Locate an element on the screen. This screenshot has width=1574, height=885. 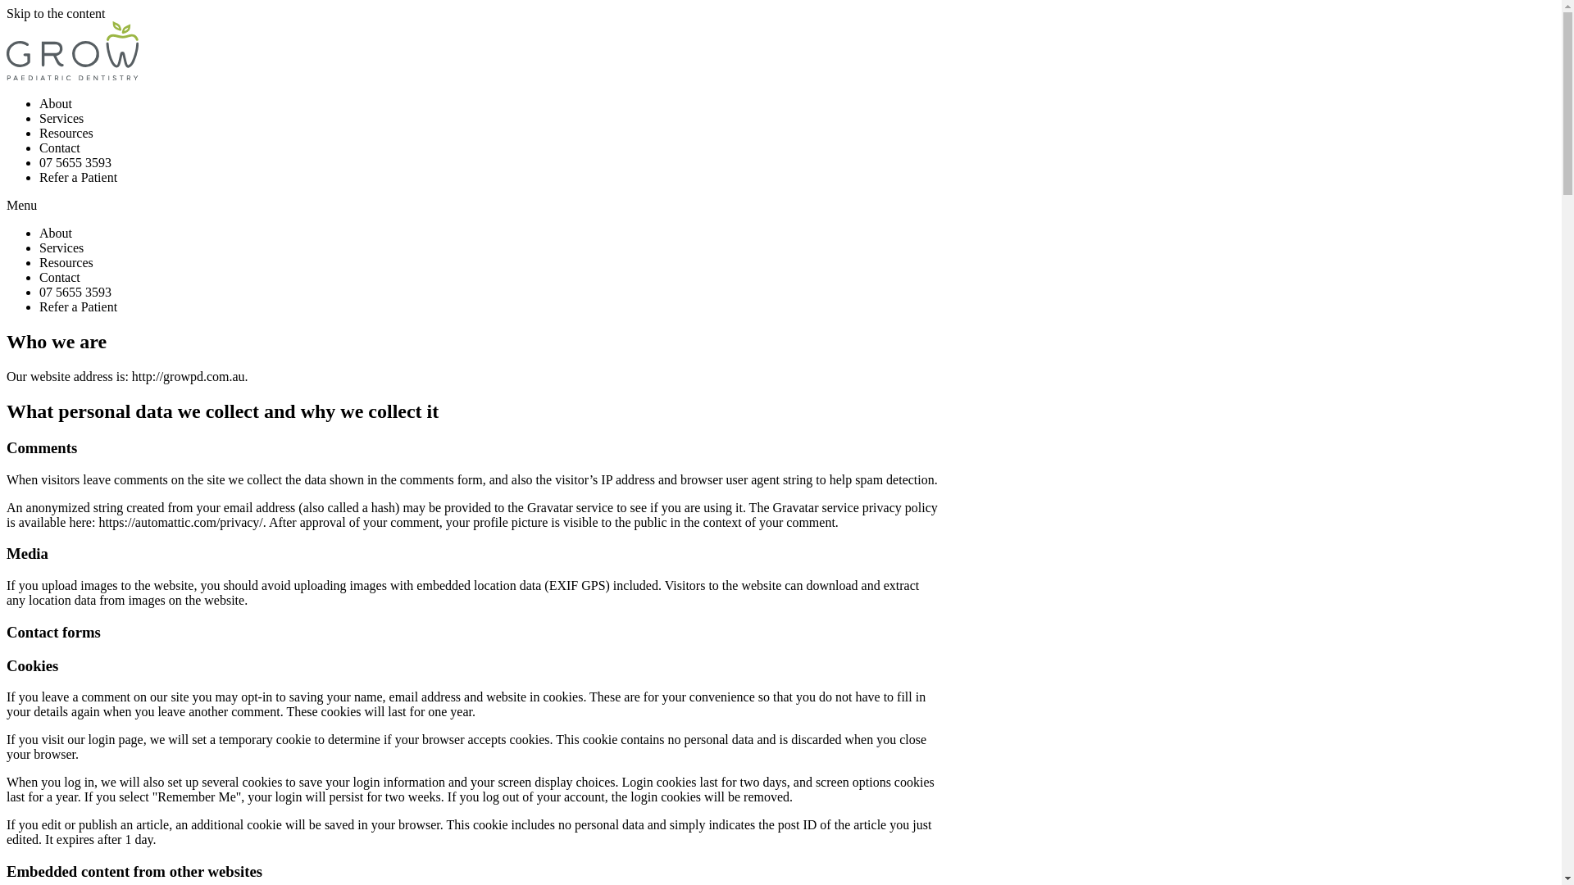
'About' is located at coordinates (55, 233).